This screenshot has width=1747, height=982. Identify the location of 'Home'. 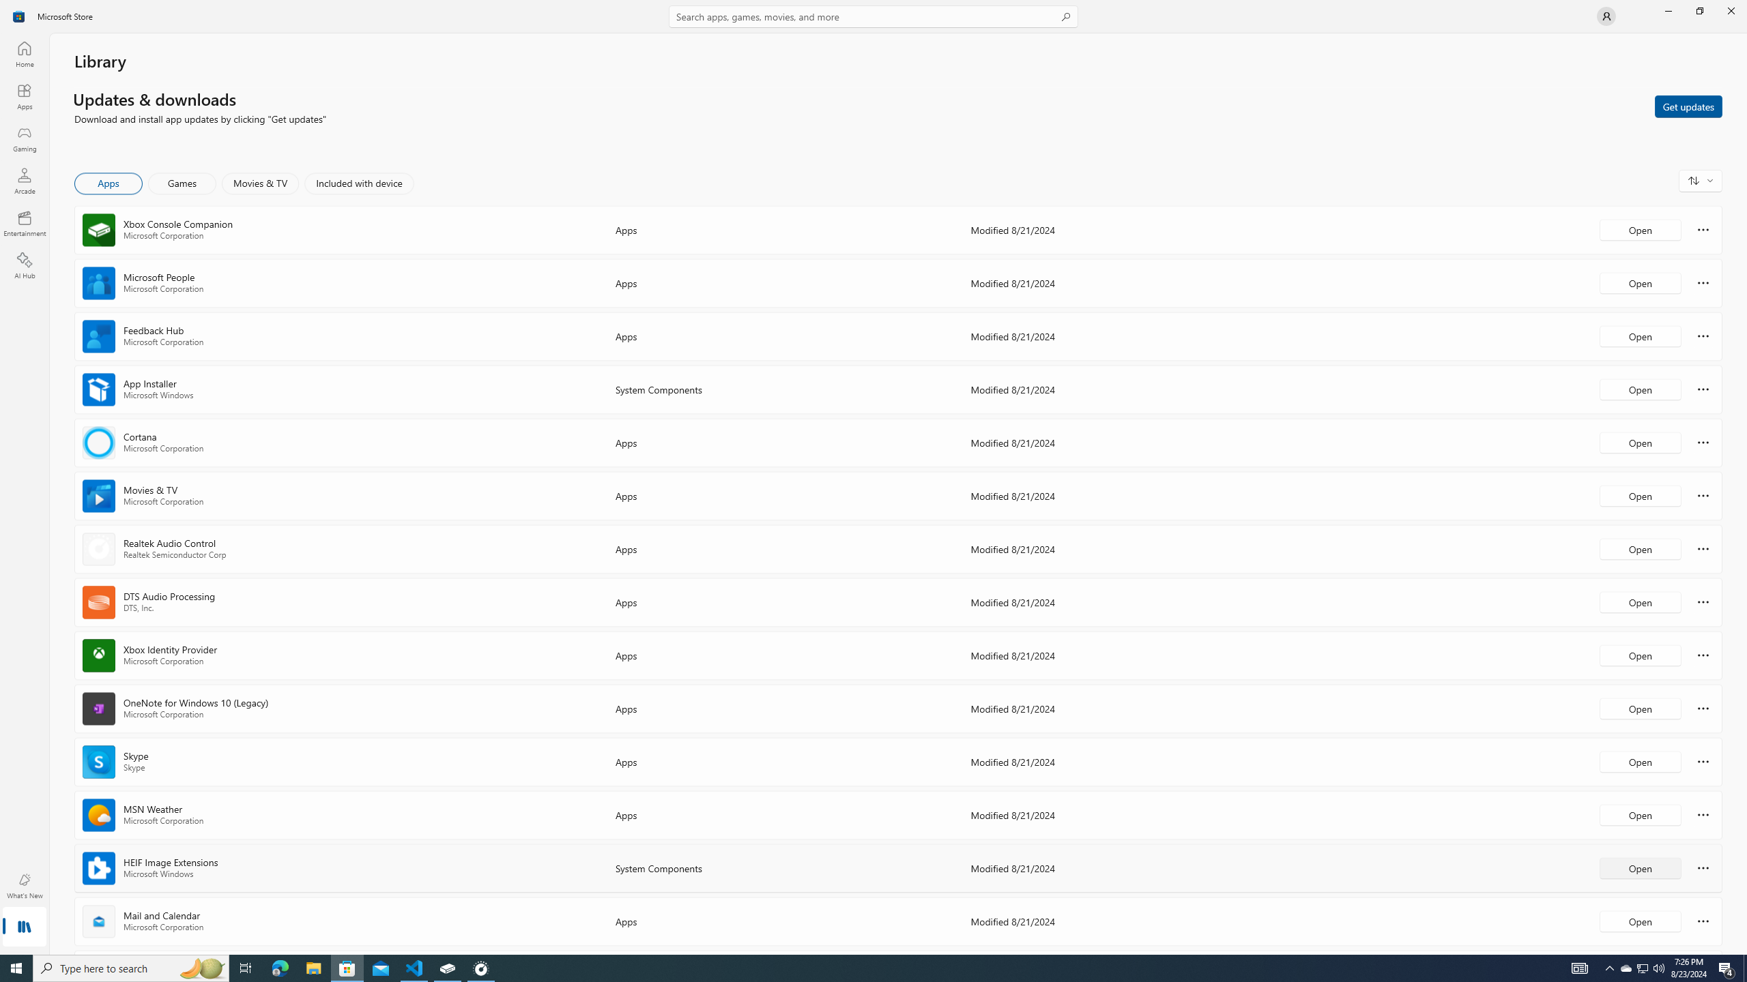
(23, 53).